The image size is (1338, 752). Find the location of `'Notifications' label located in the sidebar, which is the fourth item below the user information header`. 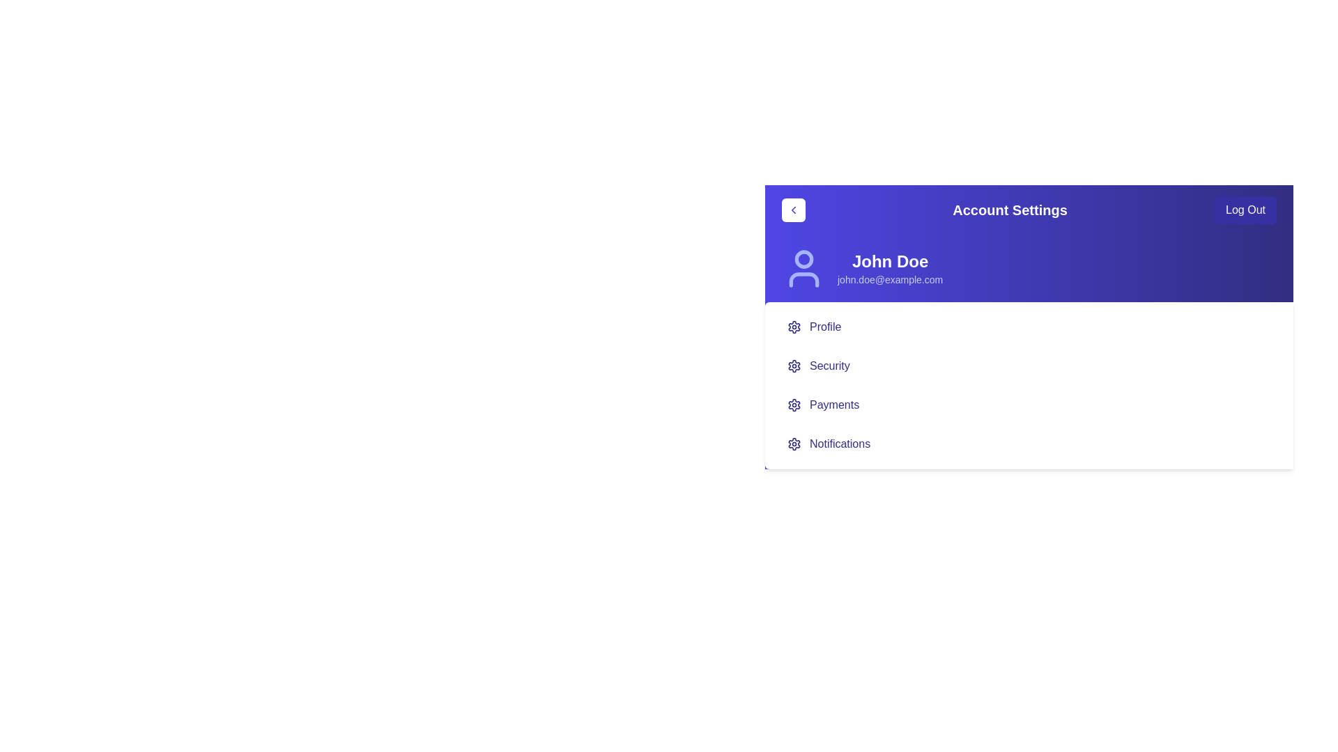

'Notifications' label located in the sidebar, which is the fourth item below the user information header is located at coordinates (839, 444).